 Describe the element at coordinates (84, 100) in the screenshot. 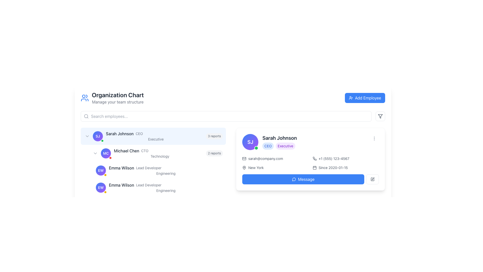

I see `Vector component within the SVG that contributes to the user-related functionalities icon, located in the middle of the icon near the header text` at that location.